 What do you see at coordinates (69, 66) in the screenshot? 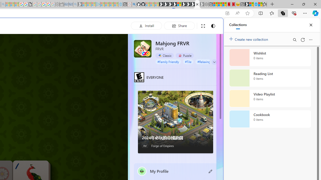
I see `'Tabs you'` at bounding box center [69, 66].